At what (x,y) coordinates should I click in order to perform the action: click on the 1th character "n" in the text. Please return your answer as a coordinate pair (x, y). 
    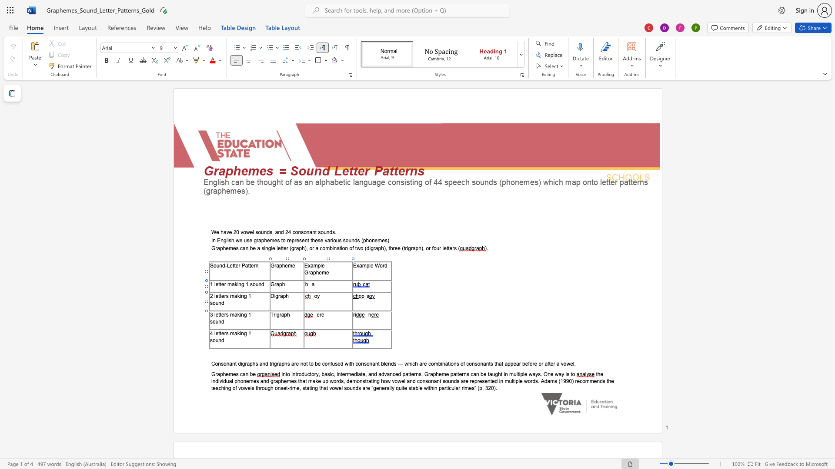
    Looking at the image, I should click on (242, 314).